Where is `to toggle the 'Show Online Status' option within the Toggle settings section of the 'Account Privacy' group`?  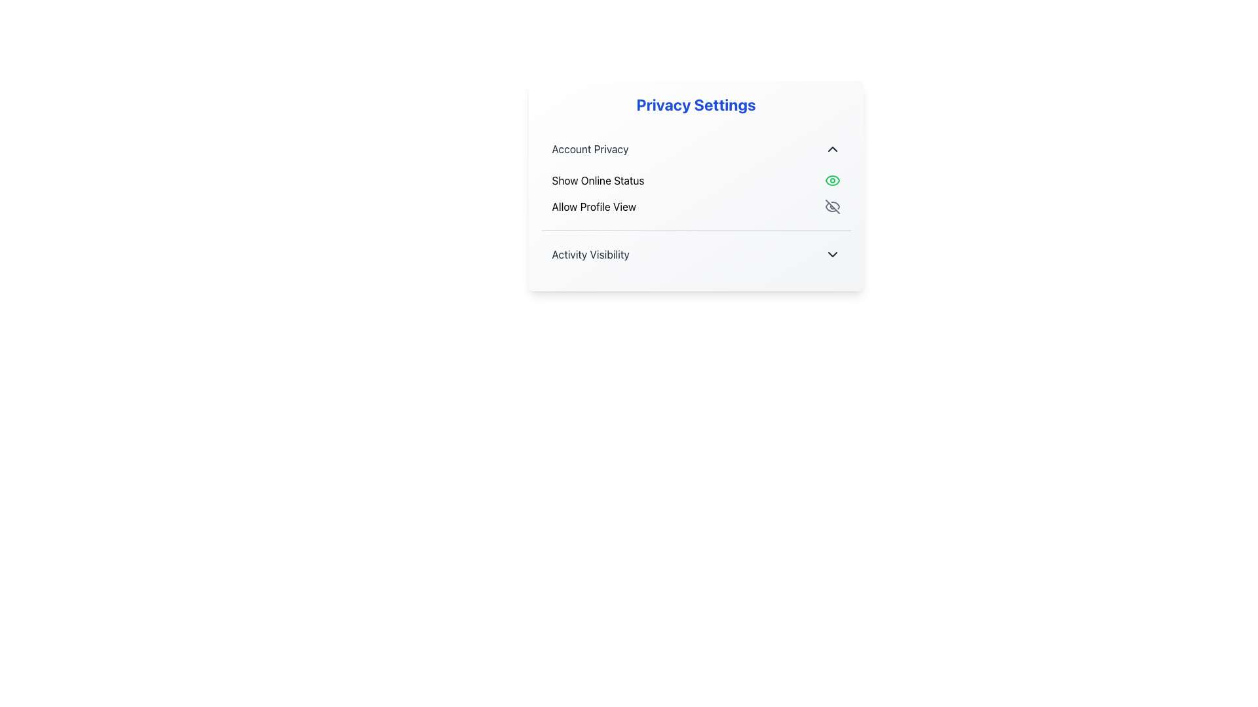
to toggle the 'Show Online Status' option within the Toggle settings section of the 'Account Privacy' group is located at coordinates (695, 178).